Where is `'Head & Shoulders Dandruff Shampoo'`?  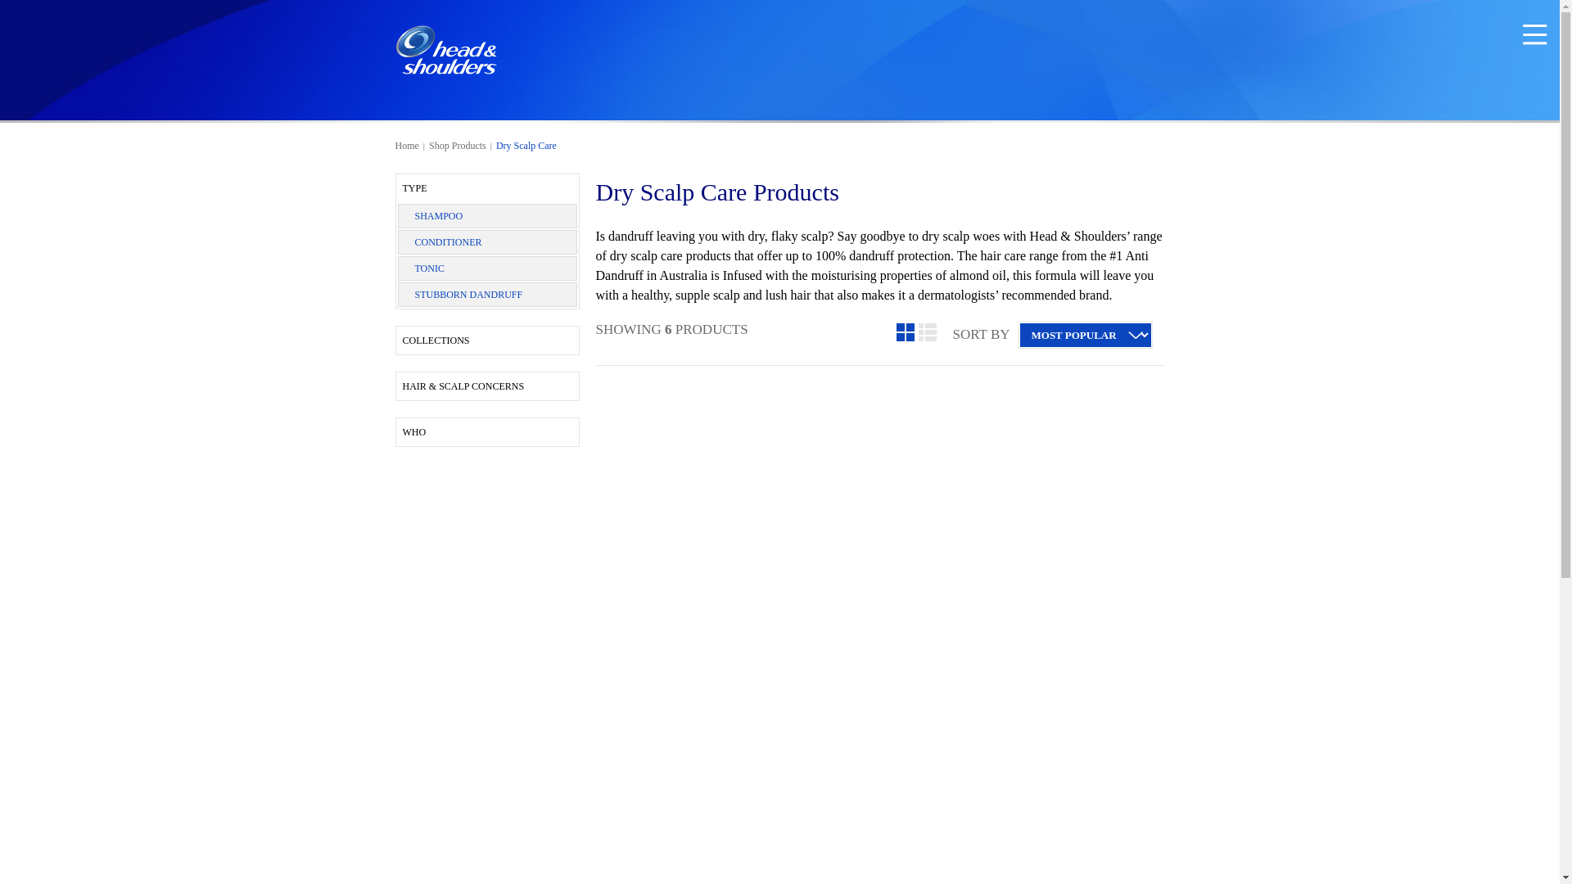 'Head & Shoulders Dandruff Shampoo' is located at coordinates (445, 49).